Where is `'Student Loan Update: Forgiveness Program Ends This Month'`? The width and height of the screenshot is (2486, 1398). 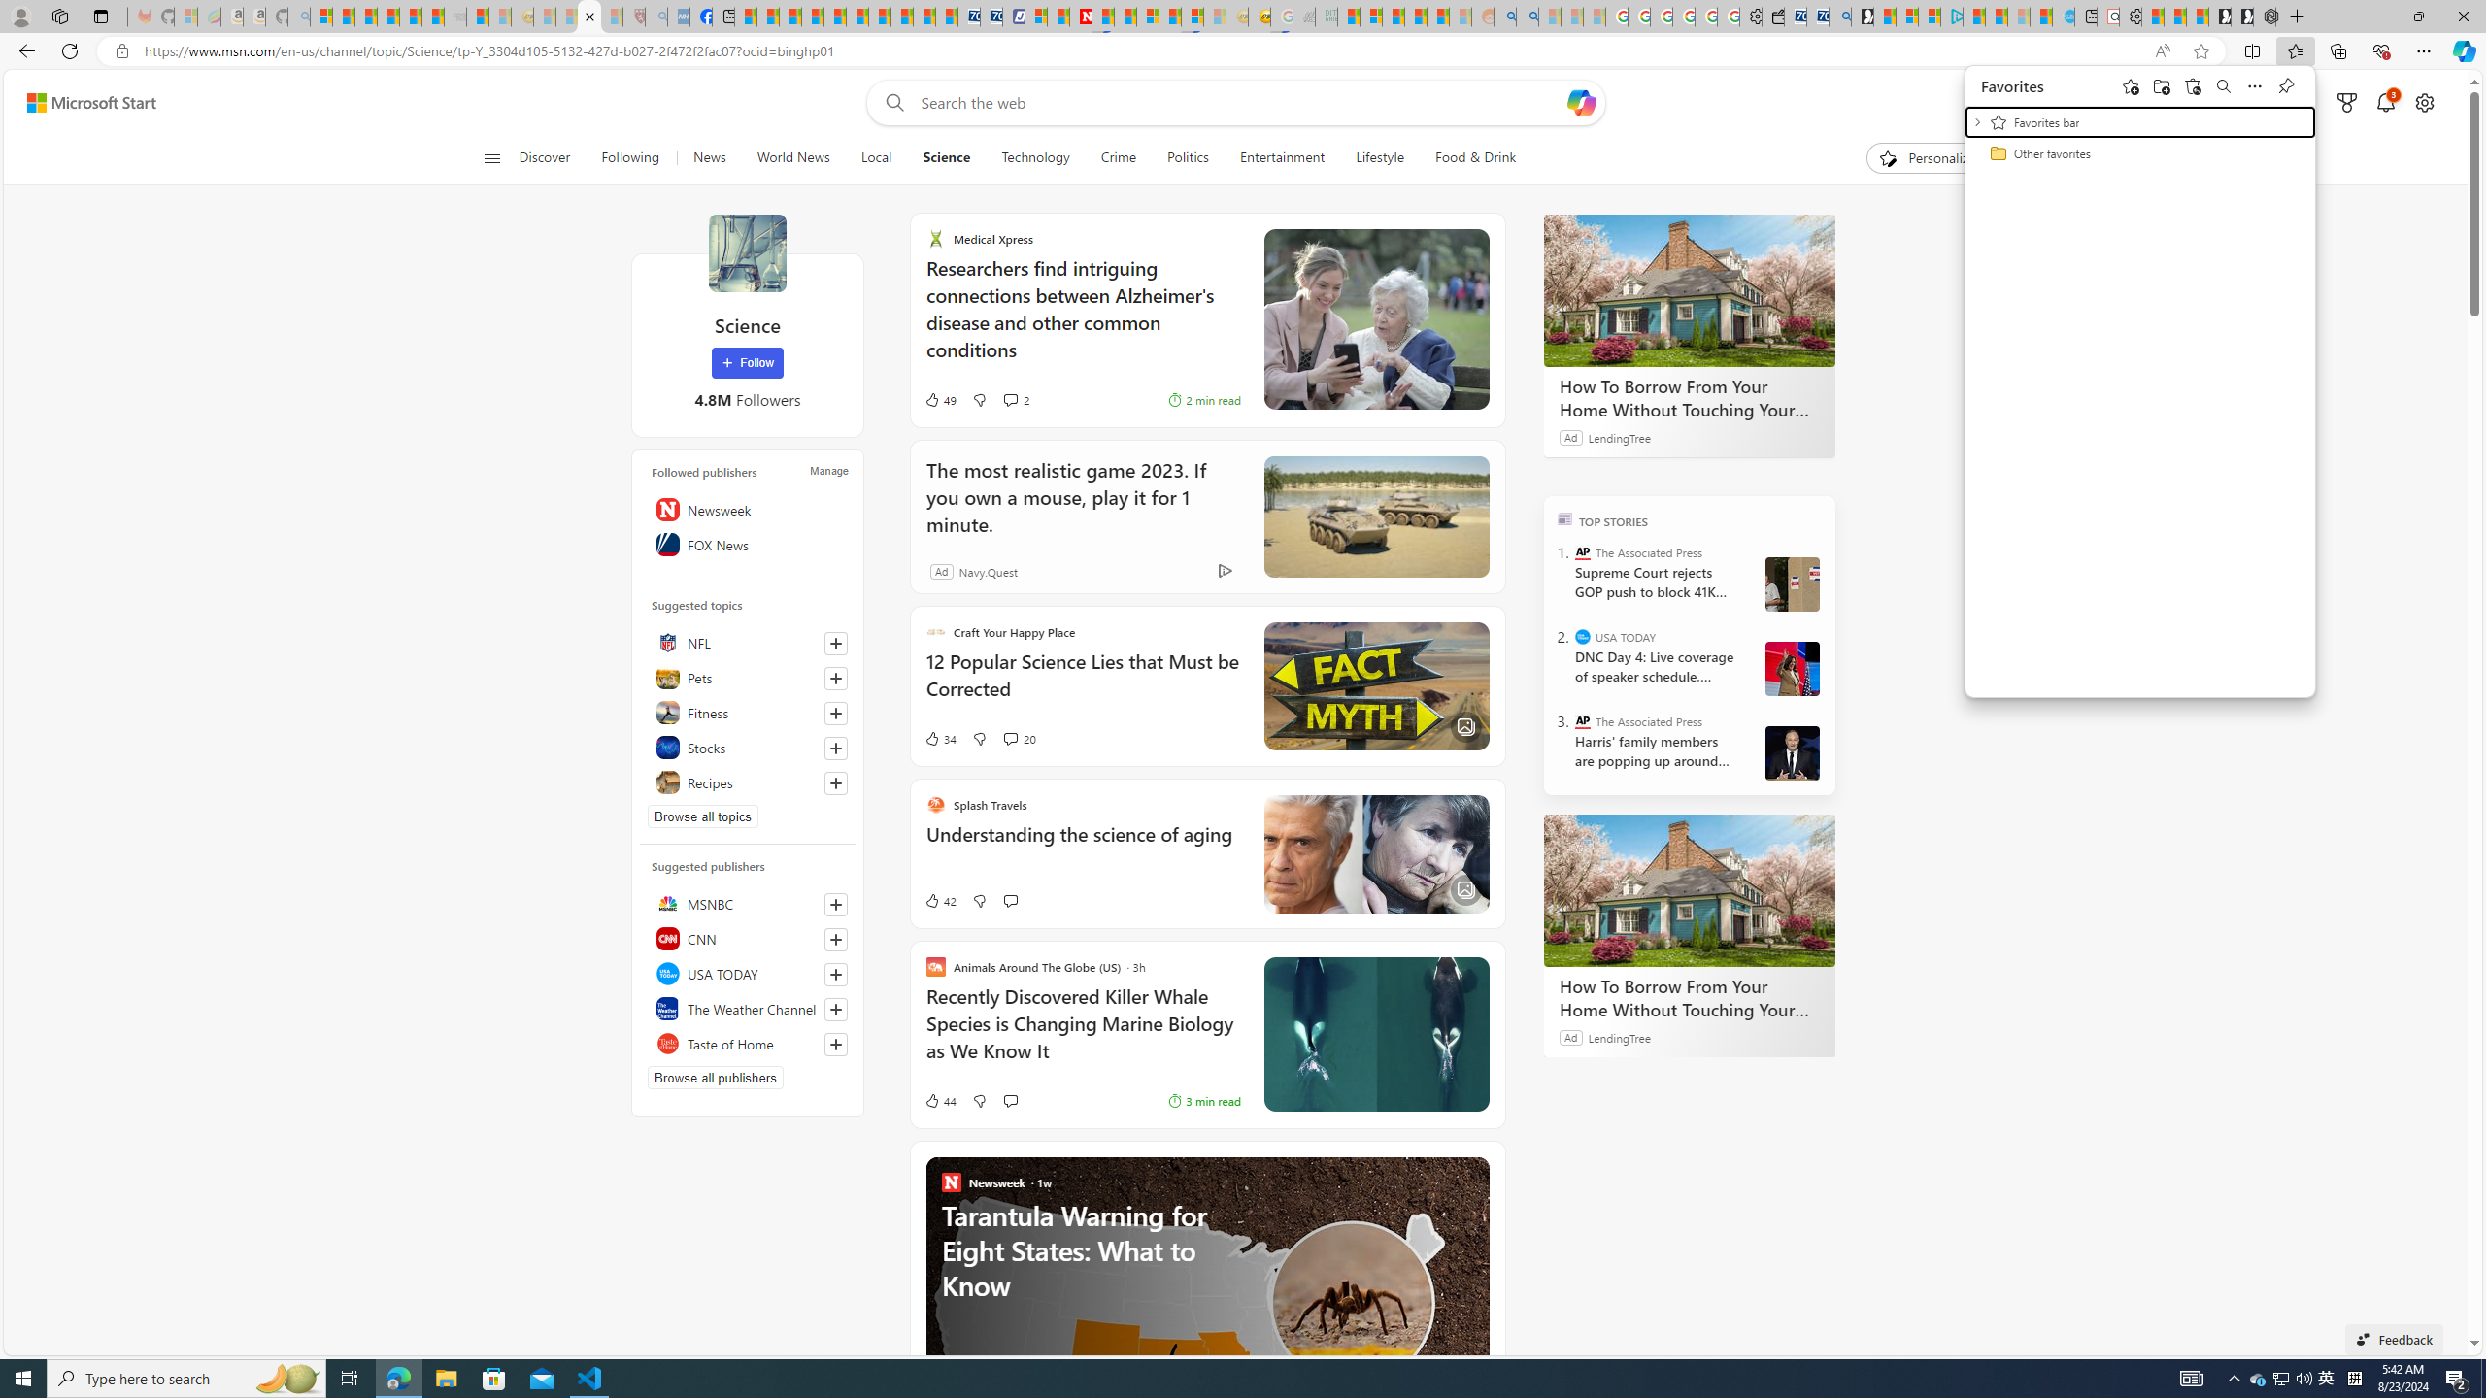 'Student Loan Update: Forgiveness Program Ends This Month' is located at coordinates (1436, 16).